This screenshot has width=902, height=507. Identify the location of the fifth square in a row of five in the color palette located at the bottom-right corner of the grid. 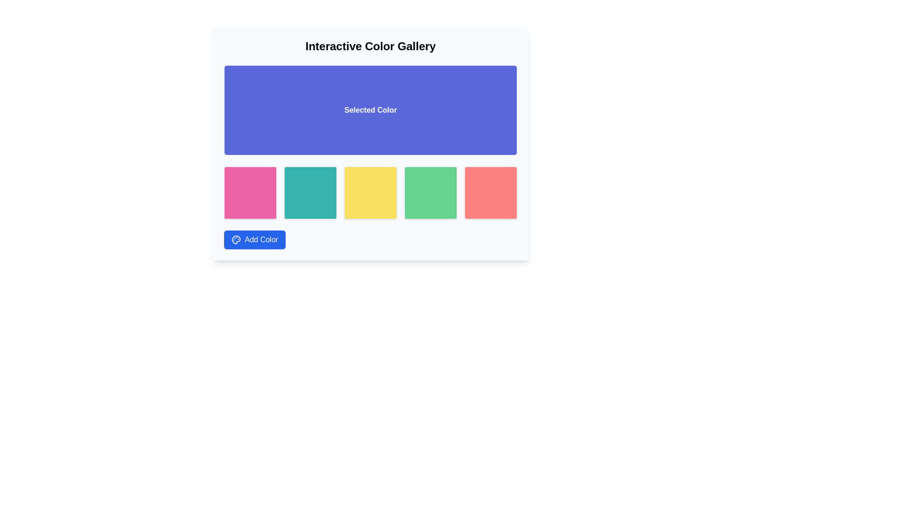
(490, 192).